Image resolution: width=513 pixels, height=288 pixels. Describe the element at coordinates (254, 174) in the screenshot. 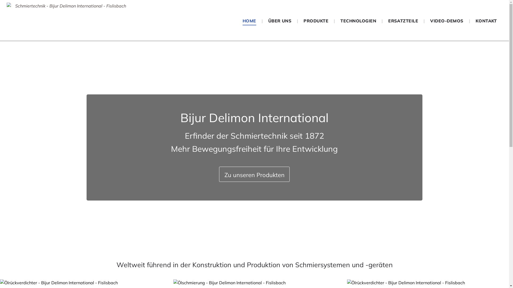

I see `'Zu unseren Produkten'` at that location.